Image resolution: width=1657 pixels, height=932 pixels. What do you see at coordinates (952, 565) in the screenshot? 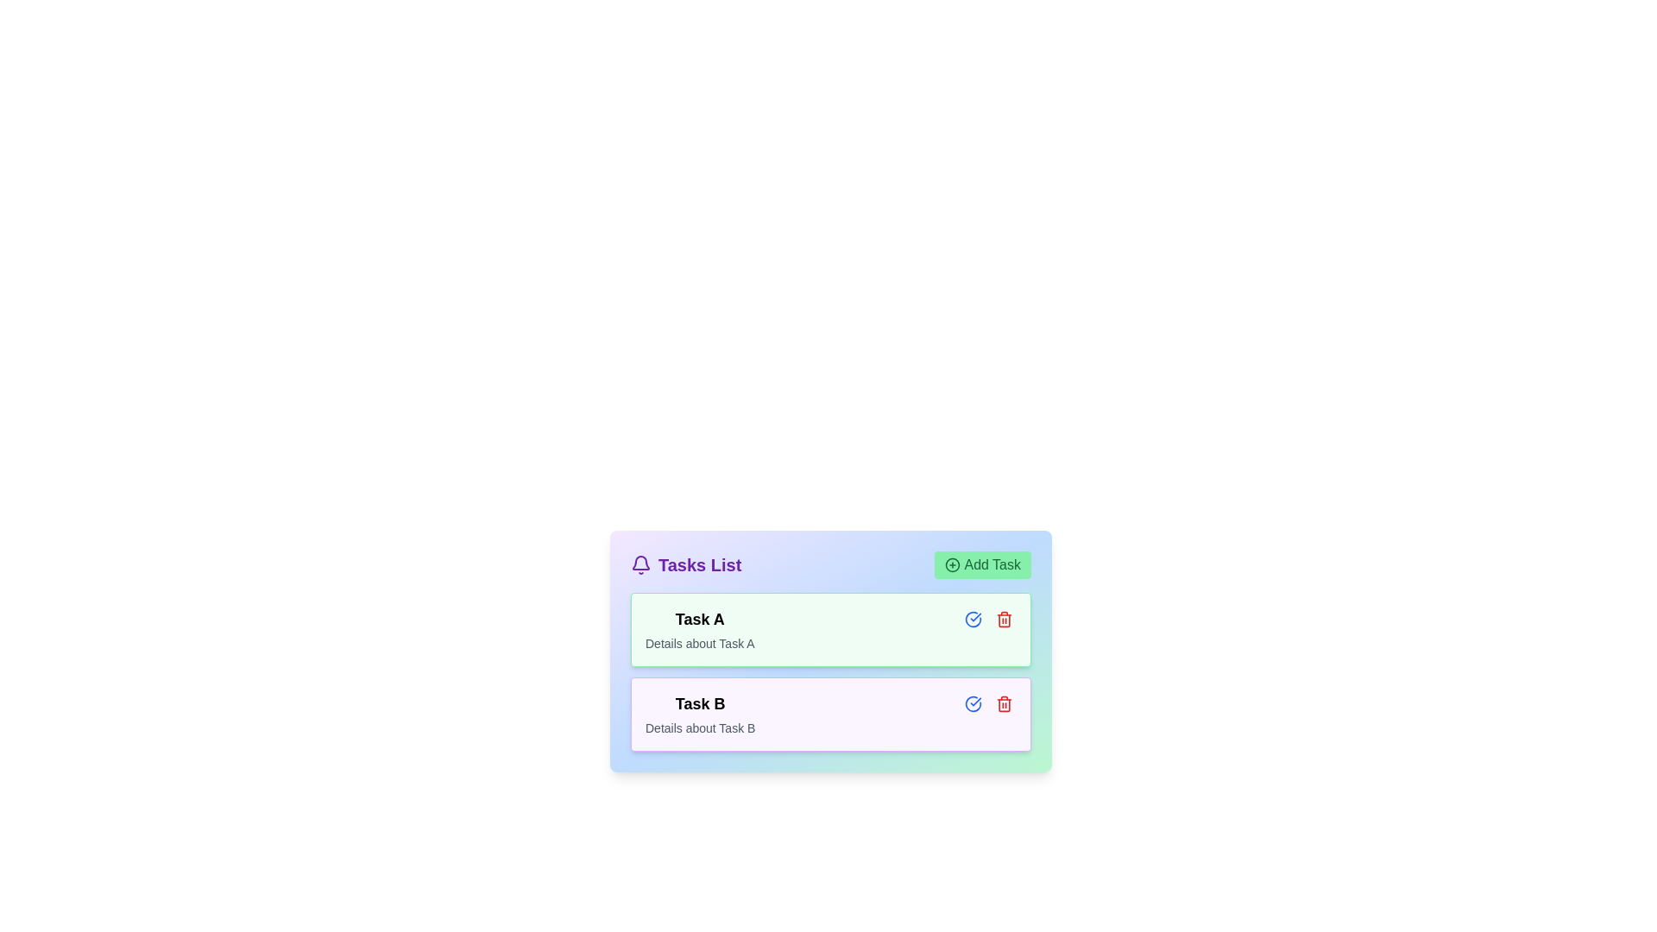
I see `the icon within the 'Add Task' button located in the top-right corner of the task management card interface` at bounding box center [952, 565].